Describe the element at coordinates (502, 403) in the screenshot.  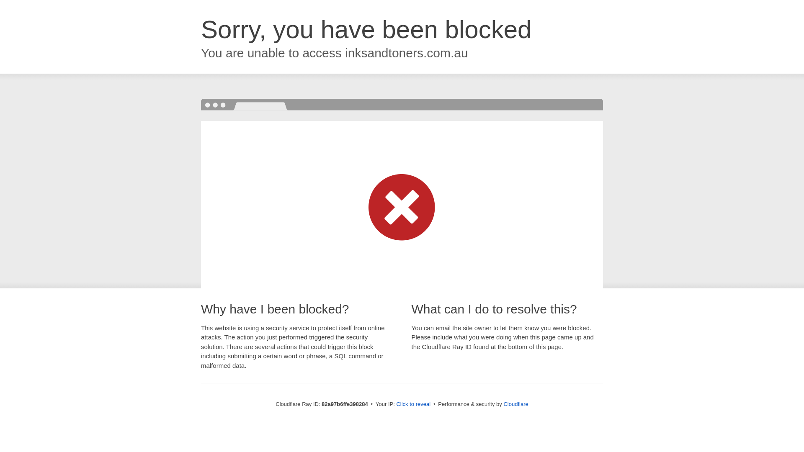
I see `'Cloudflare'` at that location.